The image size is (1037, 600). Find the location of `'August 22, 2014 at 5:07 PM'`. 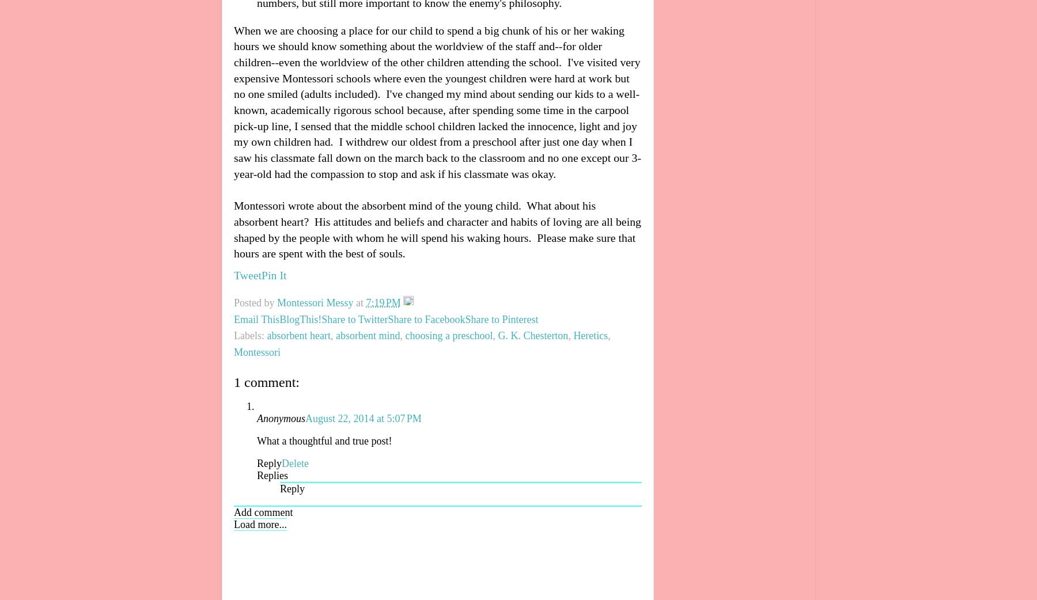

'August 22, 2014 at 5:07 PM' is located at coordinates (304, 417).